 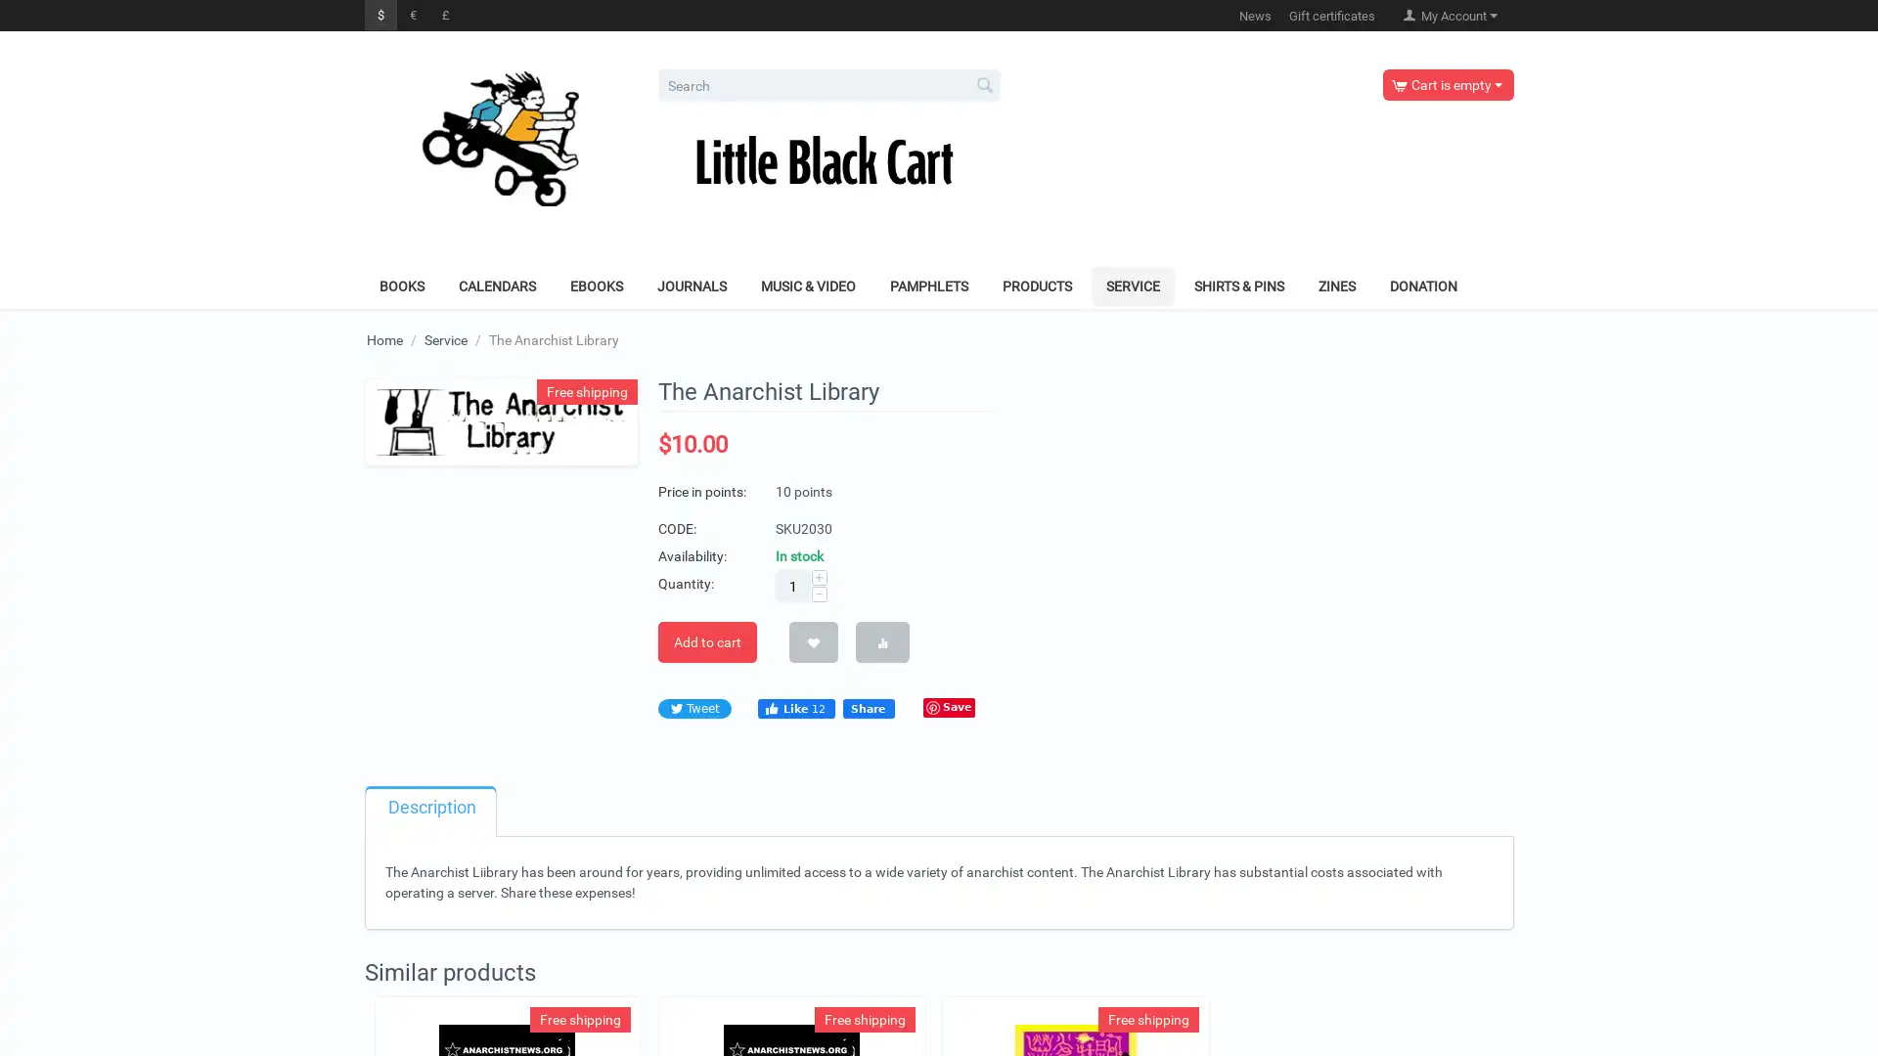 I want to click on Add to cart, so click(x=705, y=641).